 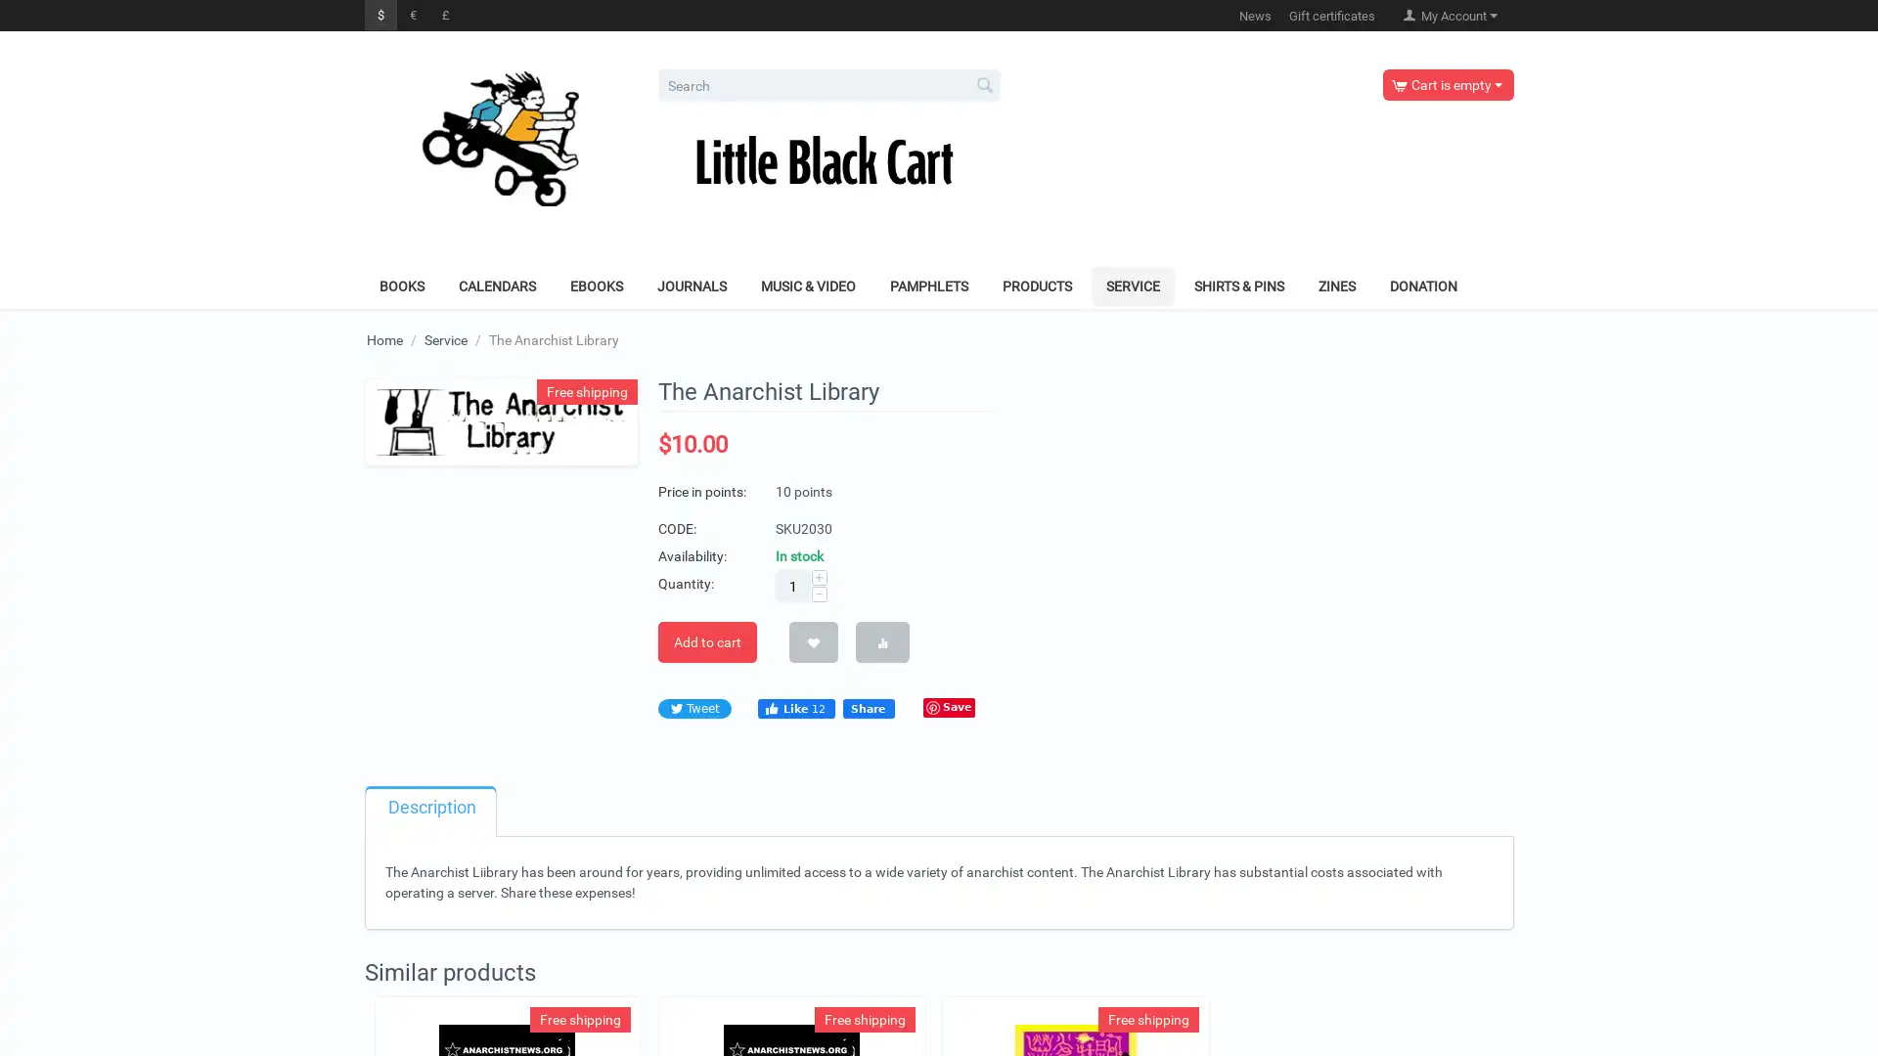 I want to click on Add to cart, so click(x=705, y=641).